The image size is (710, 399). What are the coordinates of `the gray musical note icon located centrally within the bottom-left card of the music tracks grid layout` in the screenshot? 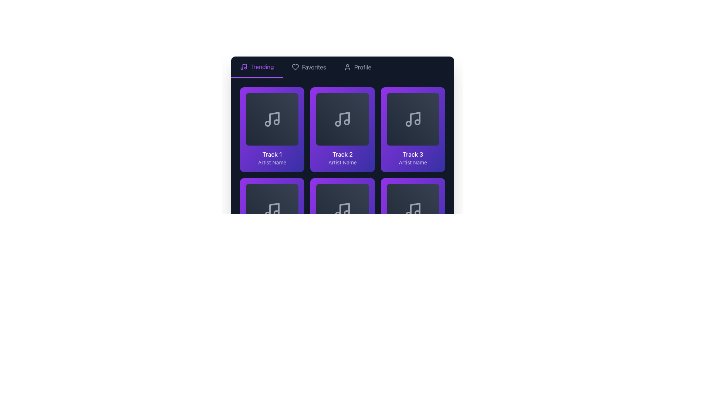 It's located at (274, 209).